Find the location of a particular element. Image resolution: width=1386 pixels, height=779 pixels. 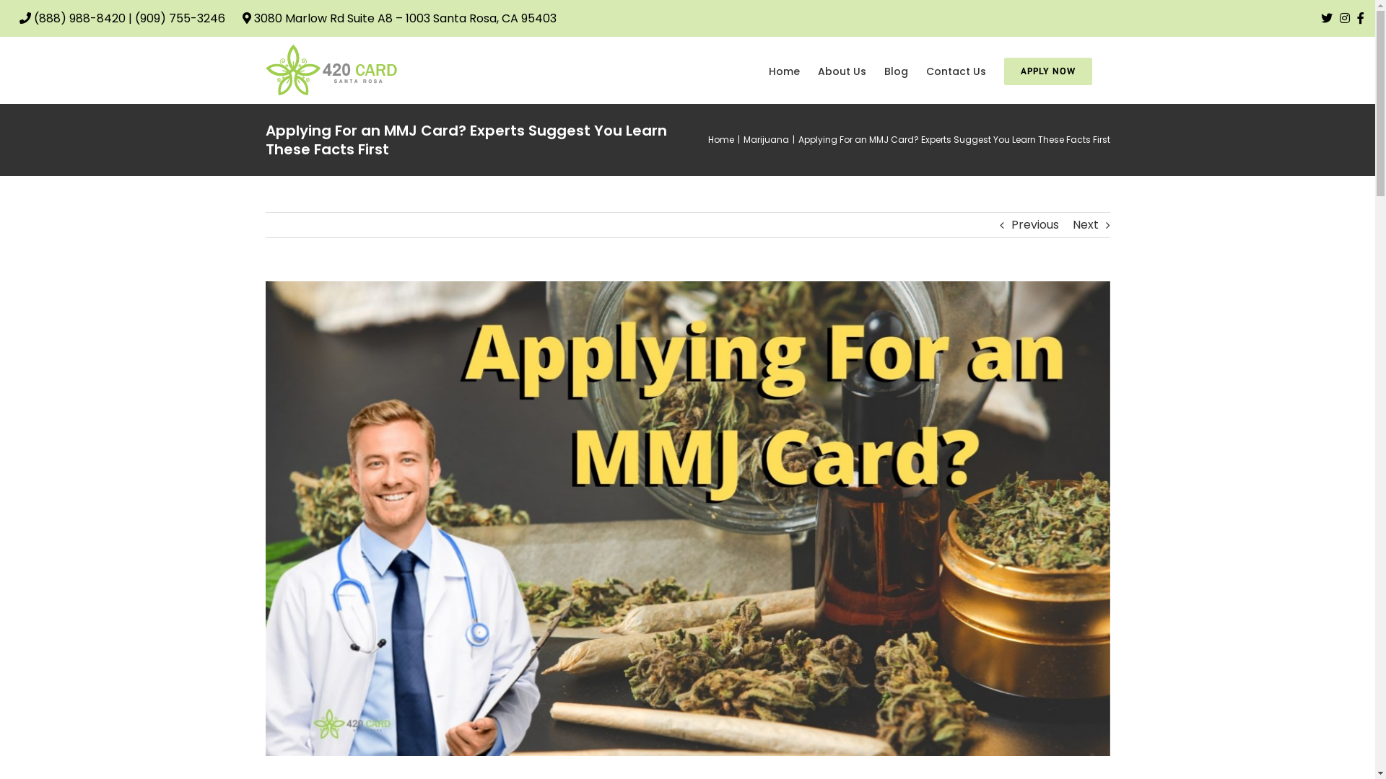

'Contact Us' is located at coordinates (955, 70).